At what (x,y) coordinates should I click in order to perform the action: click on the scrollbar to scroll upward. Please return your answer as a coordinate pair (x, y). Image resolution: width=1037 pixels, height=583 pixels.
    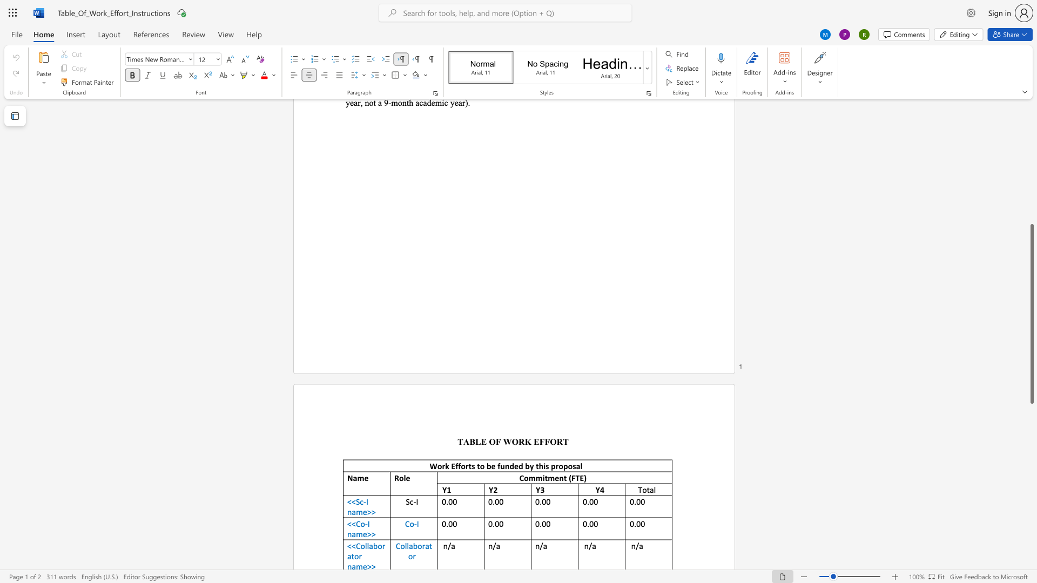
    Looking at the image, I should click on (1031, 156).